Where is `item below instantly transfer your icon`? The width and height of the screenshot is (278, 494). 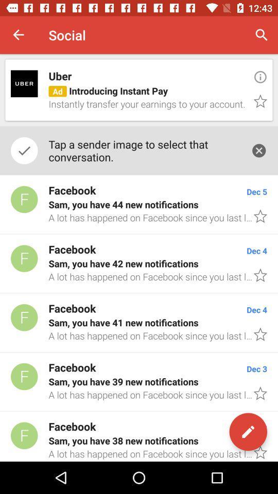 item below instantly transfer your icon is located at coordinates (144, 150).